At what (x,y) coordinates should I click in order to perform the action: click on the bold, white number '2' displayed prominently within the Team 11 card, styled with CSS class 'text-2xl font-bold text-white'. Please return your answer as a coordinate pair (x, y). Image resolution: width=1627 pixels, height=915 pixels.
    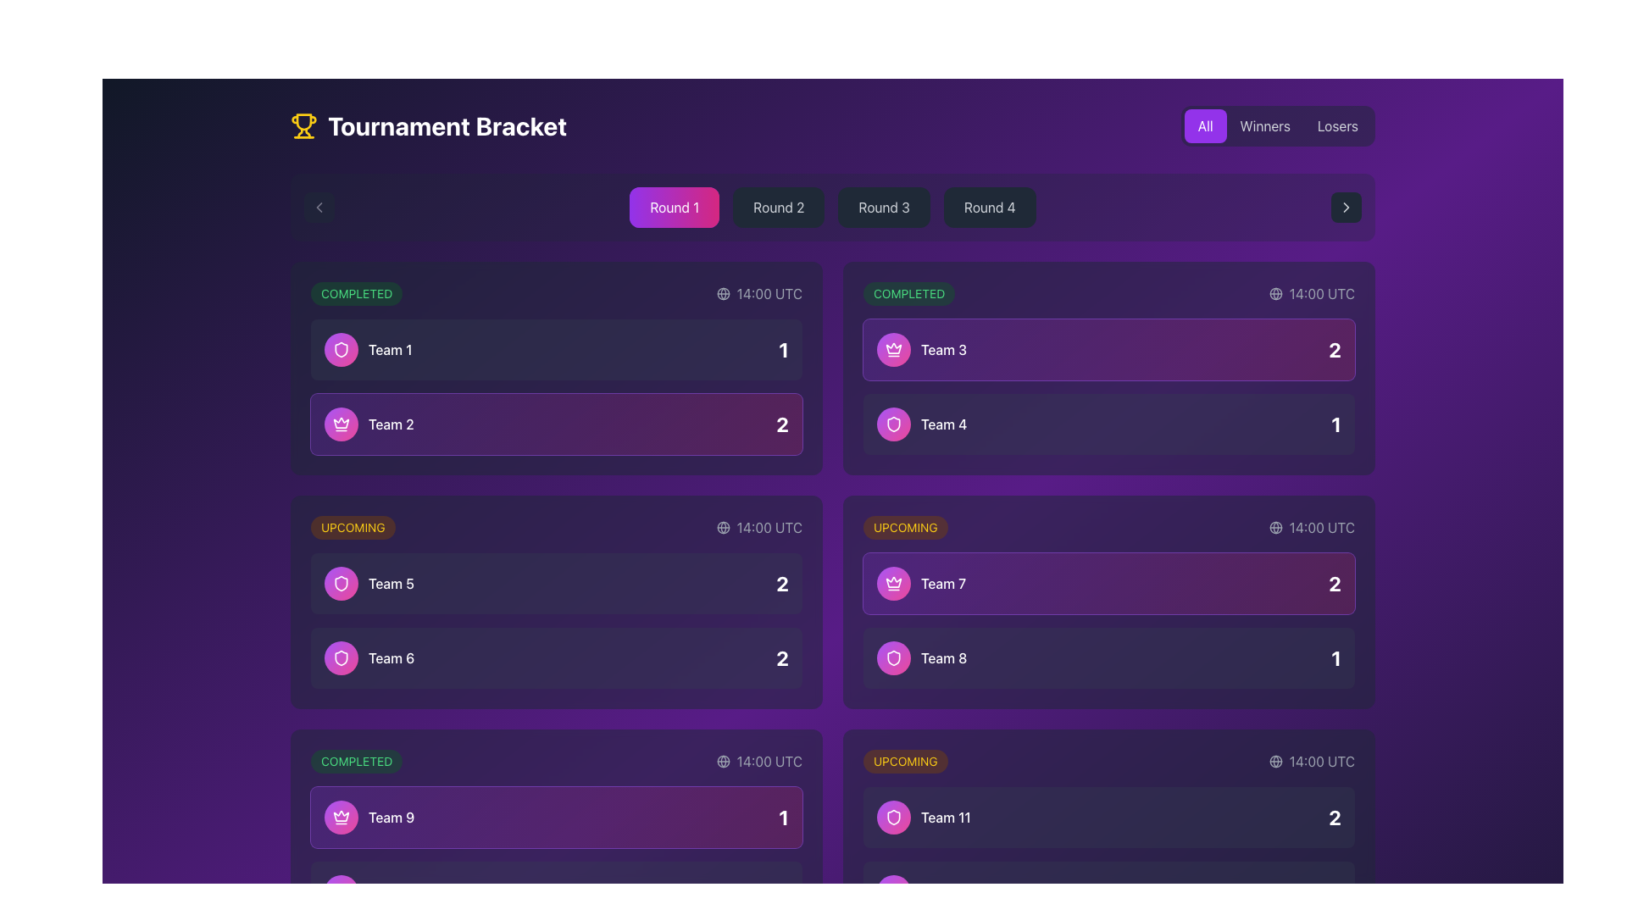
    Looking at the image, I should click on (1334, 816).